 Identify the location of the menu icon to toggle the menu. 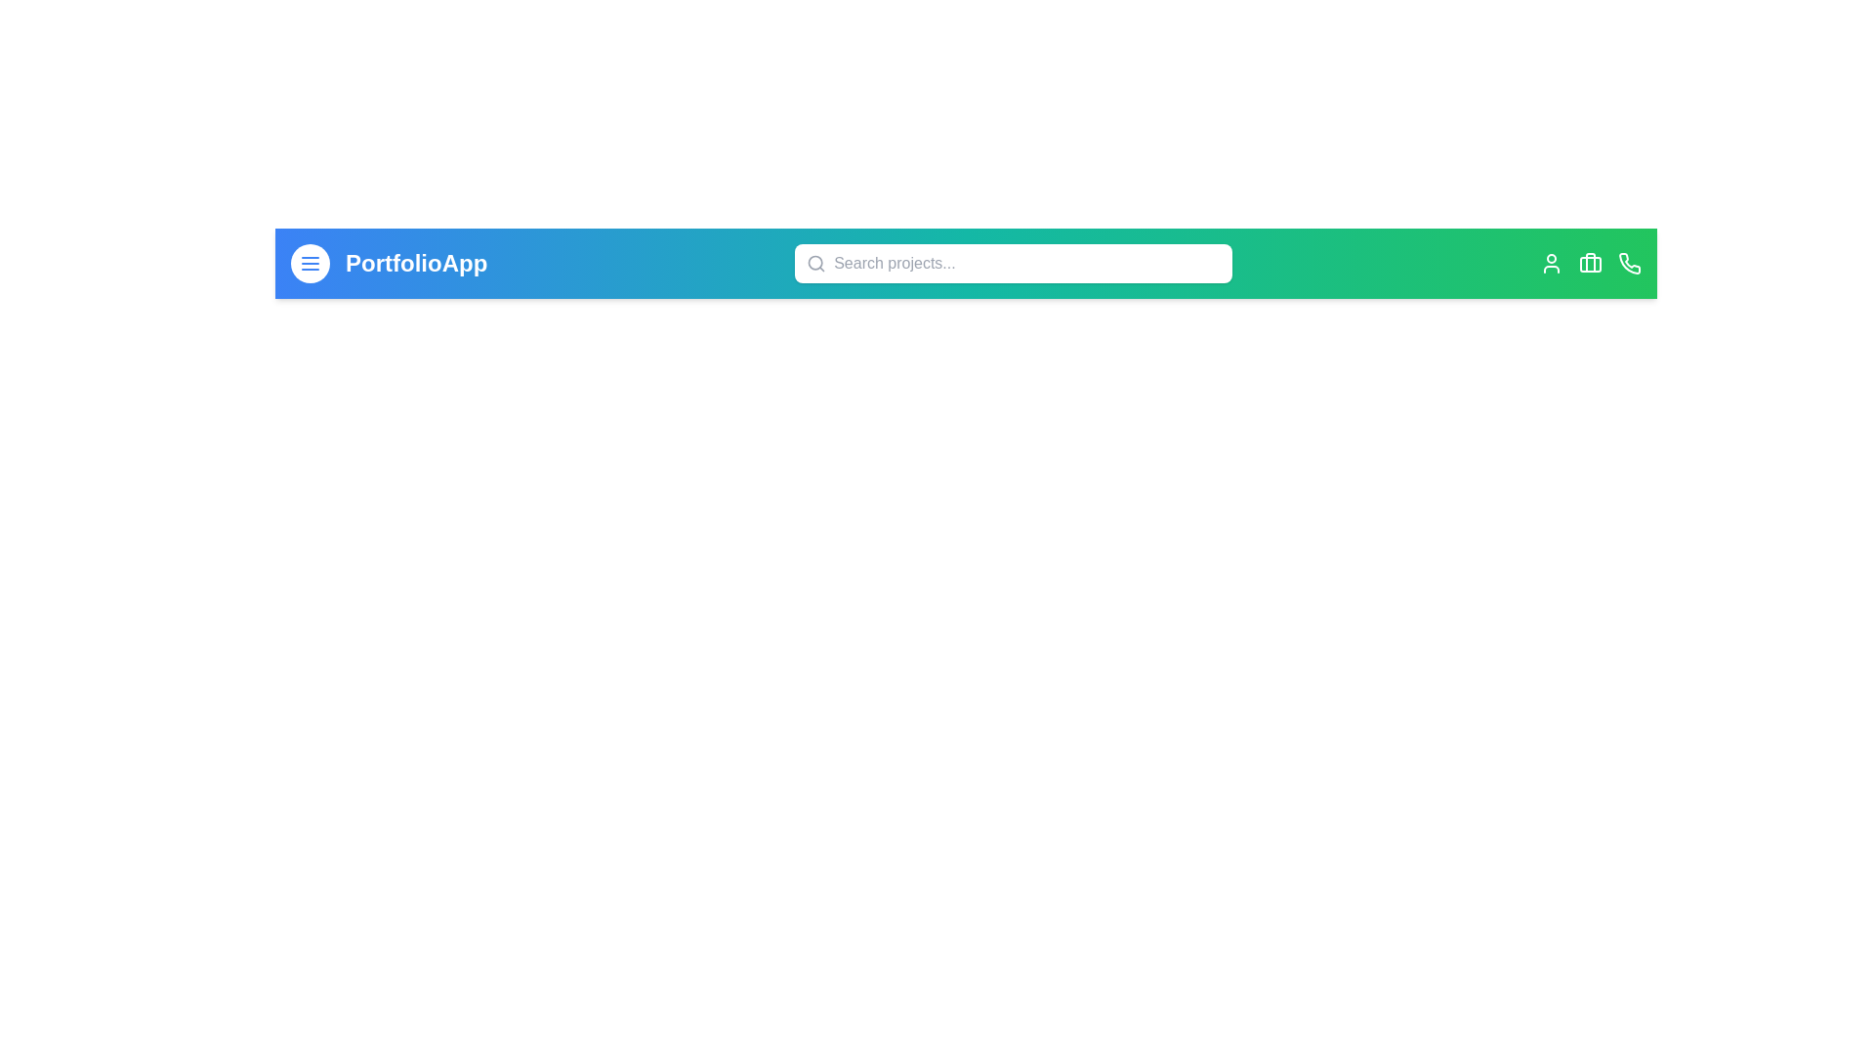
(309, 264).